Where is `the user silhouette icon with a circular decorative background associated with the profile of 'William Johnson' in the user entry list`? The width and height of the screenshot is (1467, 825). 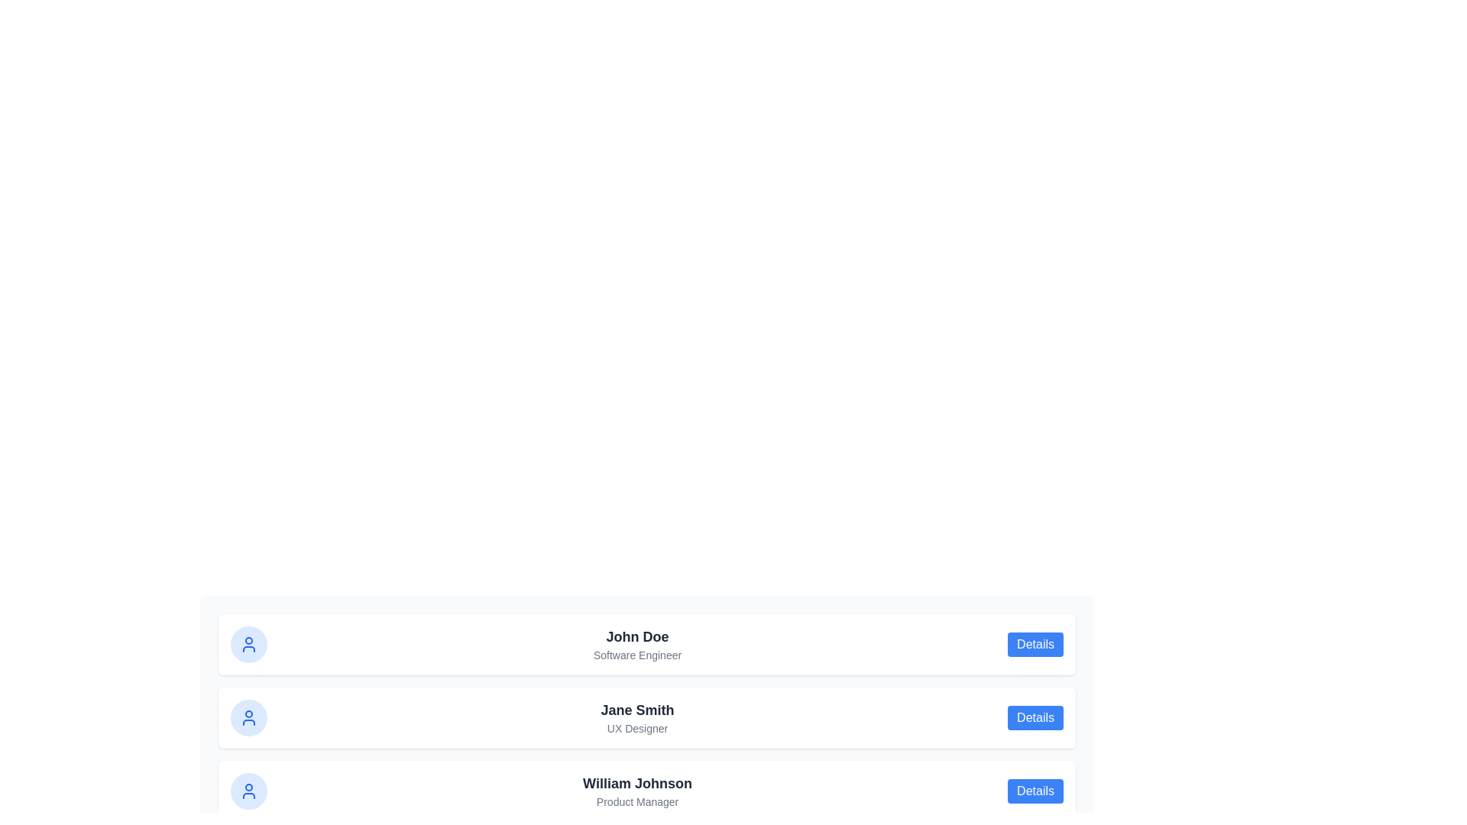 the user silhouette icon with a circular decorative background associated with the profile of 'William Johnson' in the user entry list is located at coordinates (249, 791).